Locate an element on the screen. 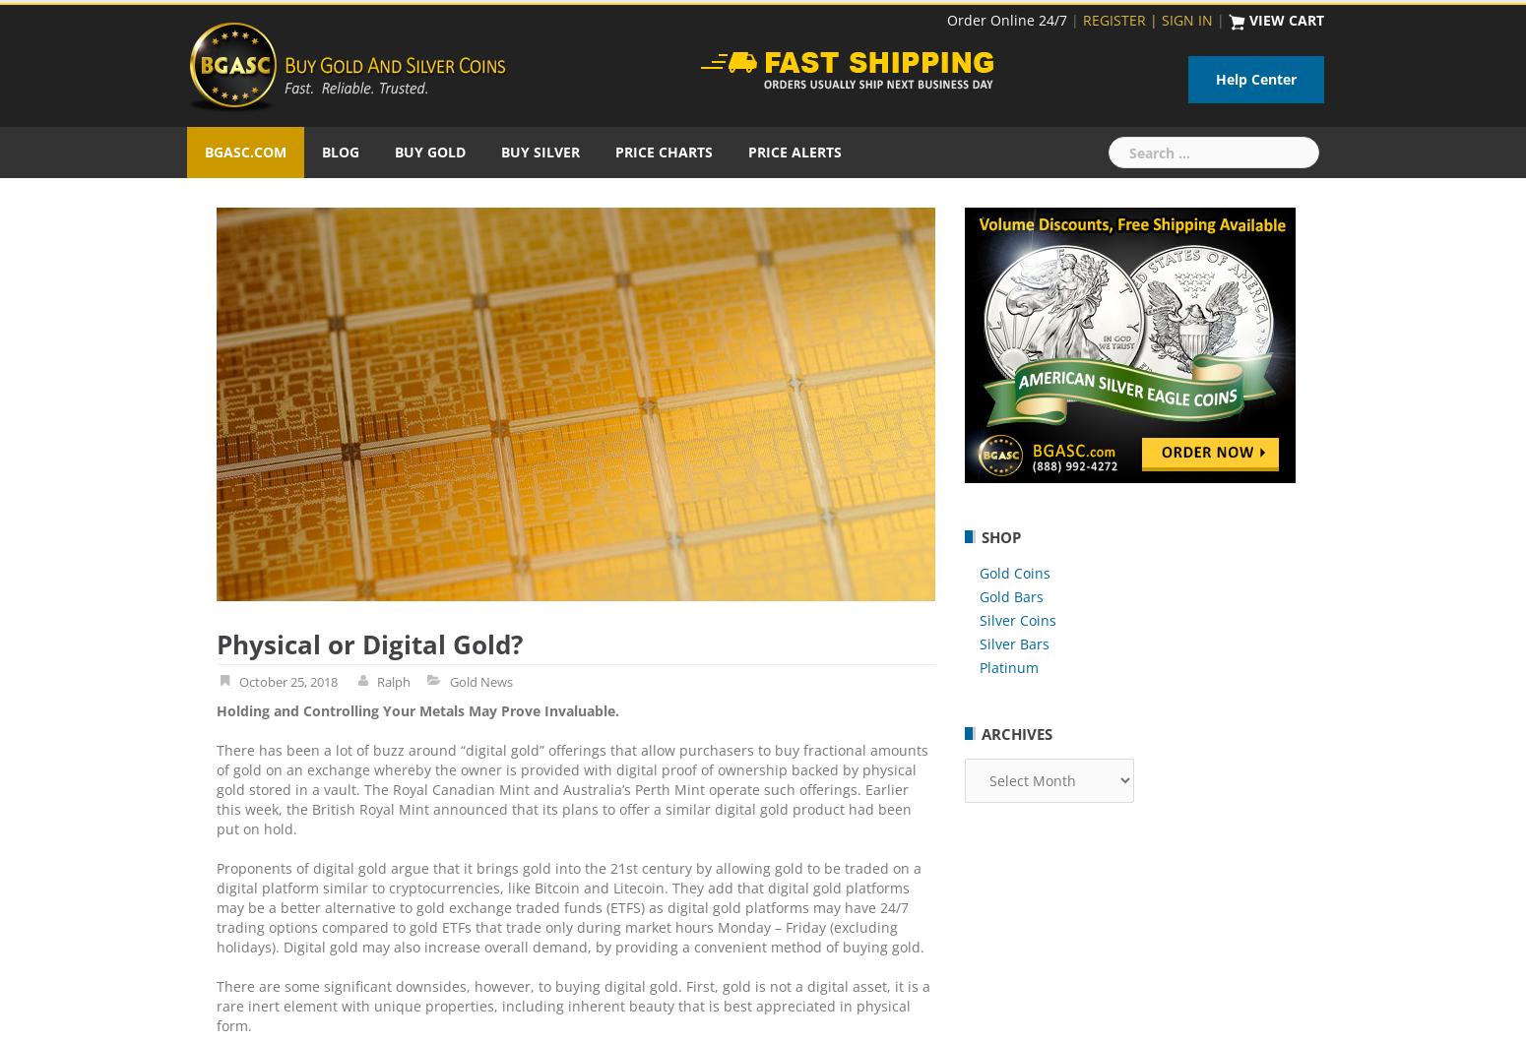  'There has been a lot of buzz around “digital gold” offerings that allow purchasers to buy fractional amounts of gold on an exchange whereby the owner is provided with digital proof of ownership backed by physical gold stored in a vault. The Royal Canadian Mint and Australia’s Perth Mint operate such offerings. Earlier this week, the British Royal Mint announced that its plans to offer a similar digital gold product had been put on hold.' is located at coordinates (572, 788).